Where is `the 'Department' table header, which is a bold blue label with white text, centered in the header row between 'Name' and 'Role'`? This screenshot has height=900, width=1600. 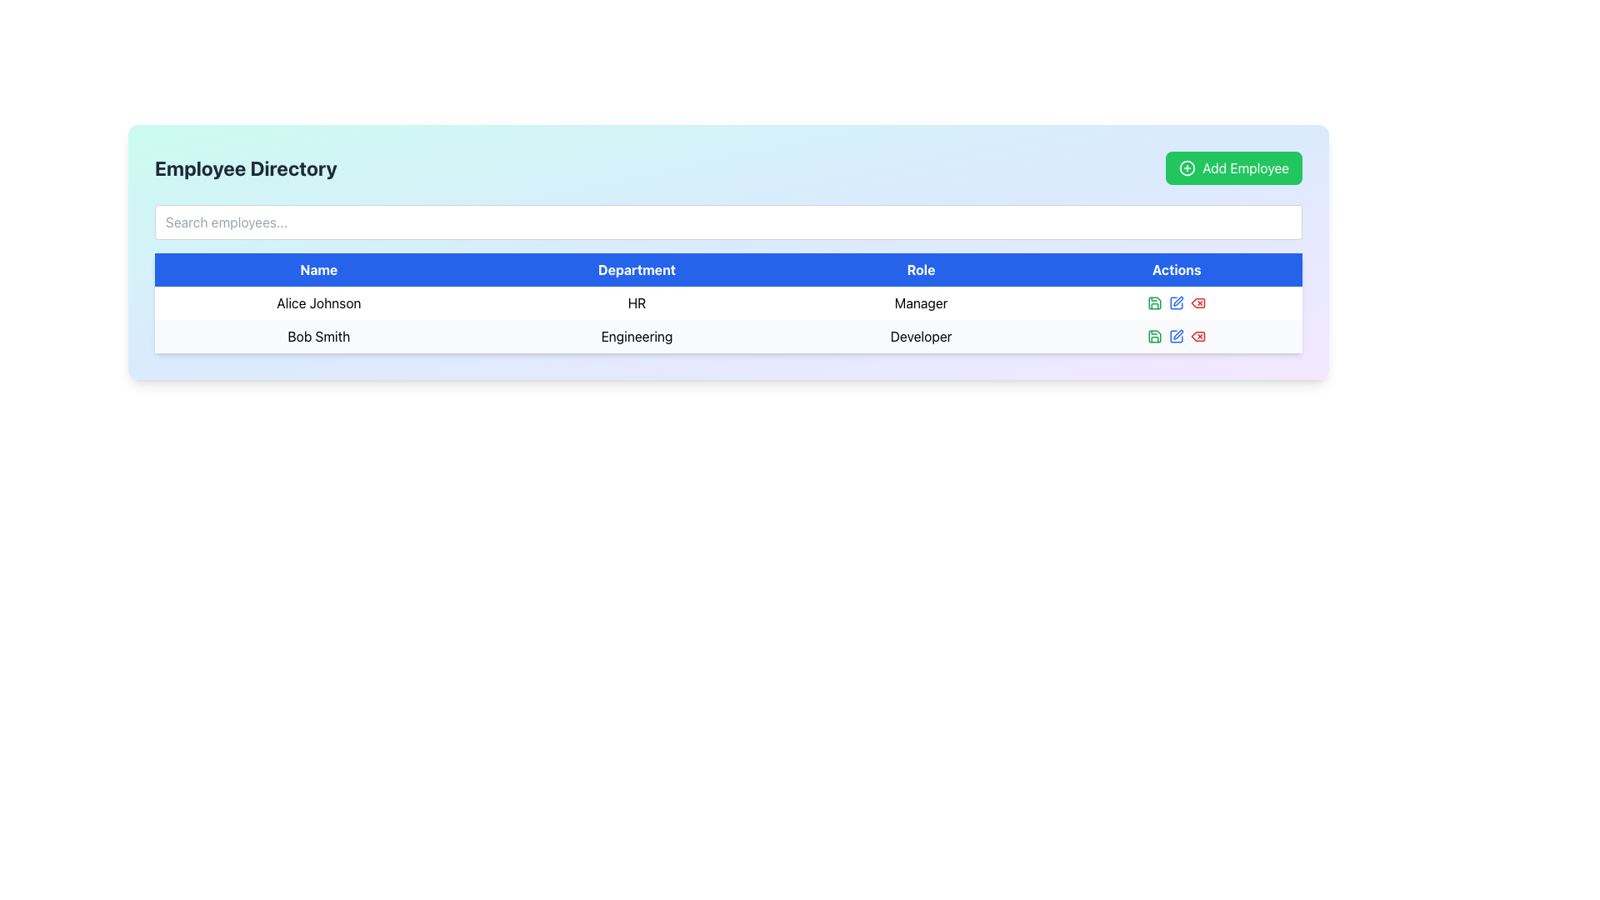
the 'Department' table header, which is a bold blue label with white text, centered in the header row between 'Name' and 'Role' is located at coordinates (636, 269).